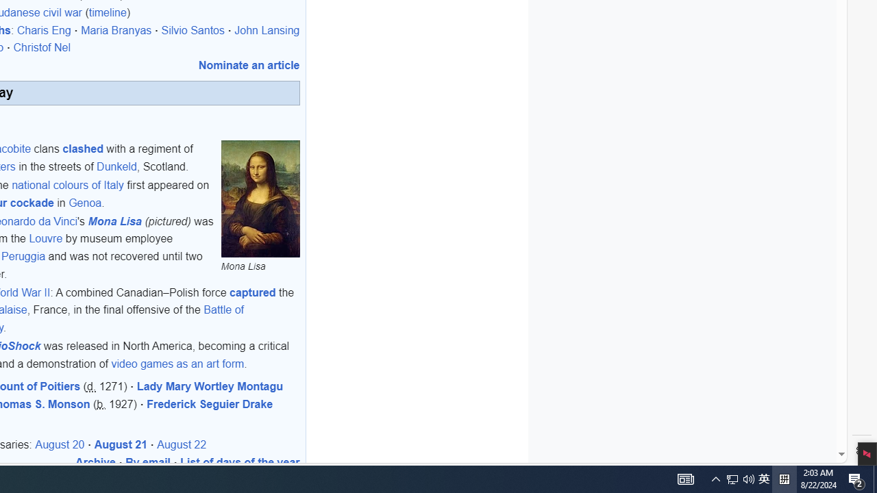  Describe the element at coordinates (107, 13) in the screenshot. I see `'timeline'` at that location.